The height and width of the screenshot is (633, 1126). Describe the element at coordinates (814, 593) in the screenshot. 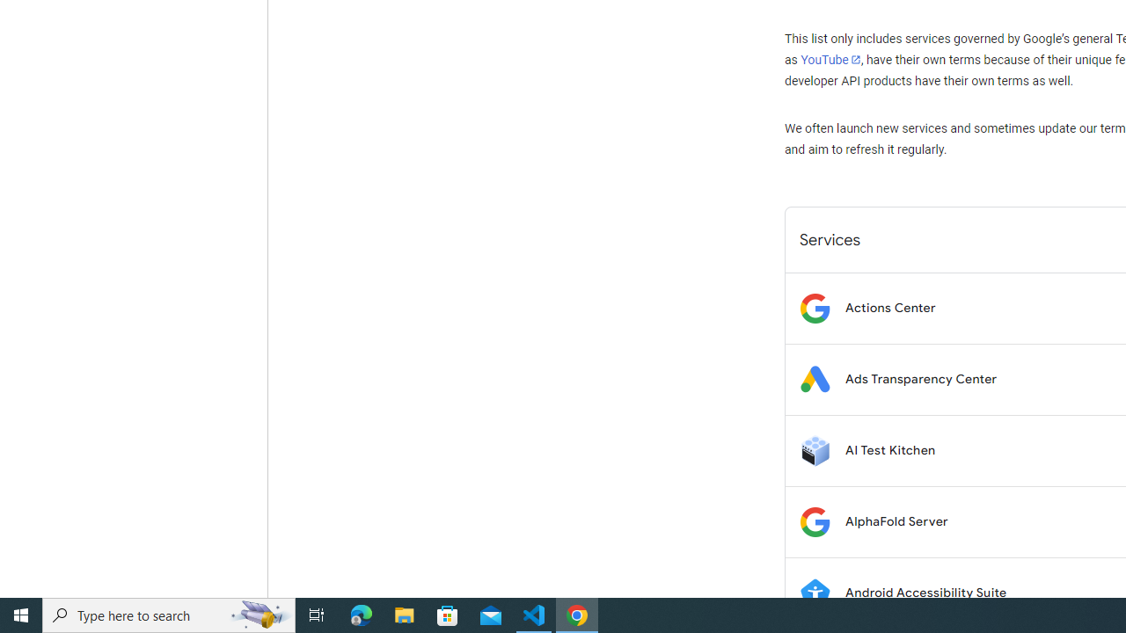

I see `'Logo for Android Accessibility Suite'` at that location.